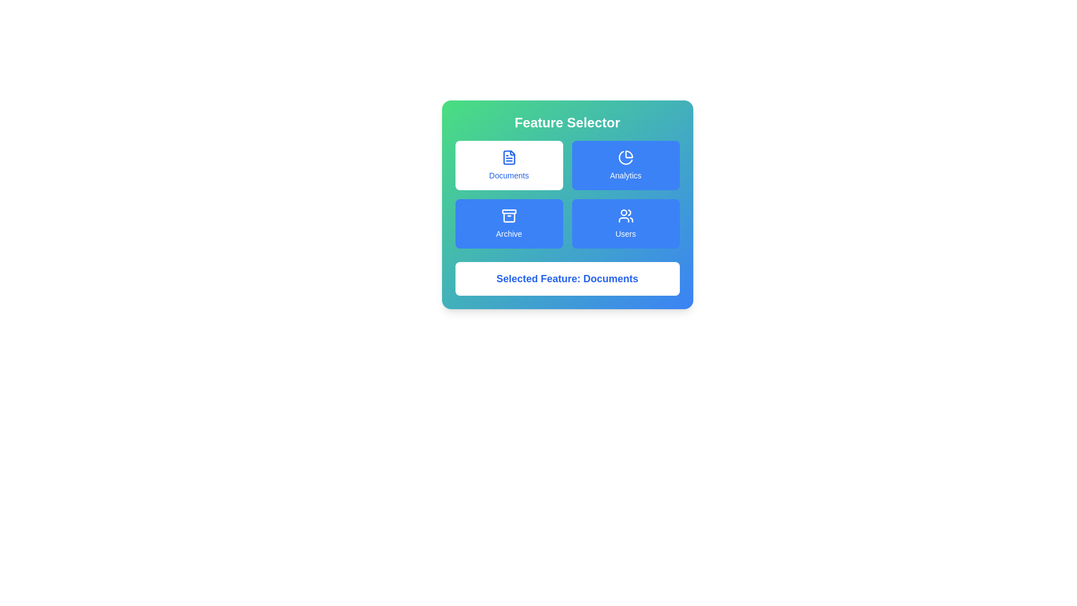 The height and width of the screenshot is (606, 1077). What do you see at coordinates (625, 216) in the screenshot?
I see `the 'Users' button, which contains an icon of grouped user figures styled as a minimalist vector SVG with outlines` at bounding box center [625, 216].